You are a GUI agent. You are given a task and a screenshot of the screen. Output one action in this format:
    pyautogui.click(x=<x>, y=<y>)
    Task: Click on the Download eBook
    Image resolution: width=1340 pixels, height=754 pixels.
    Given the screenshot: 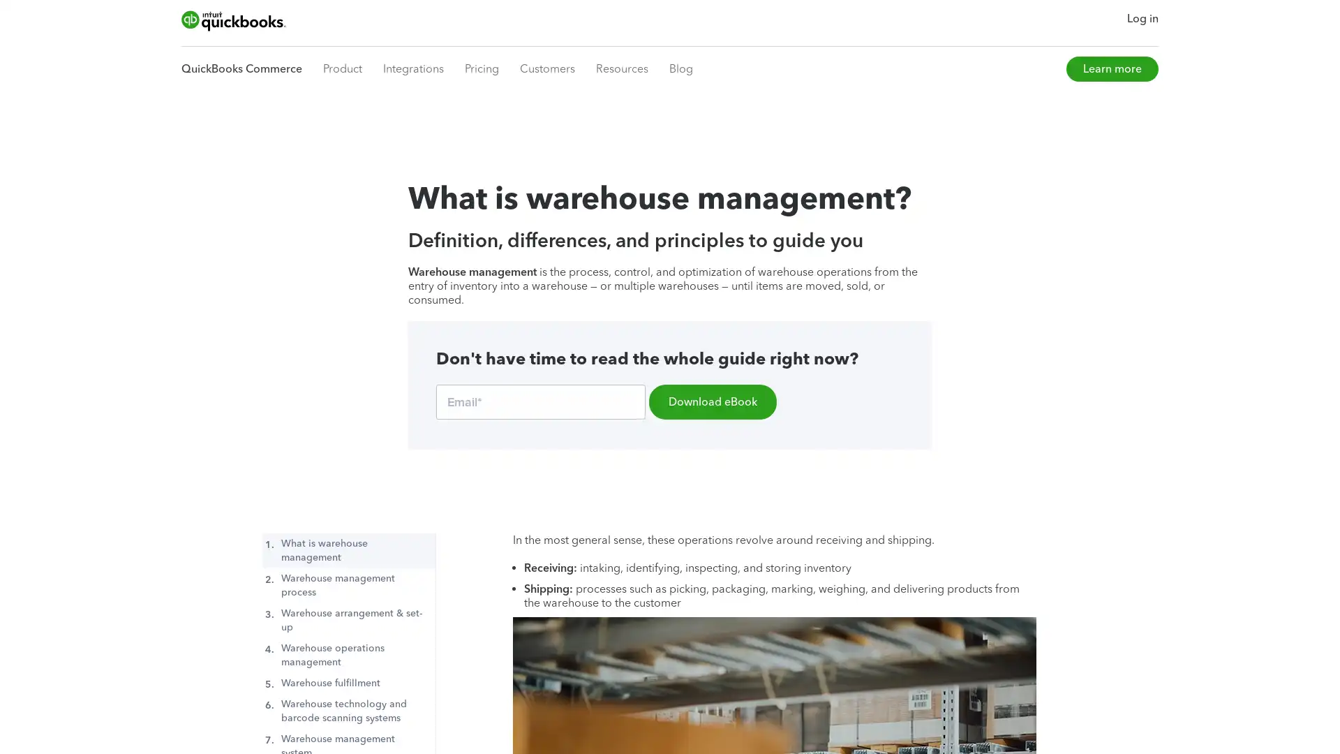 What is the action you would take?
    pyautogui.click(x=713, y=401)
    